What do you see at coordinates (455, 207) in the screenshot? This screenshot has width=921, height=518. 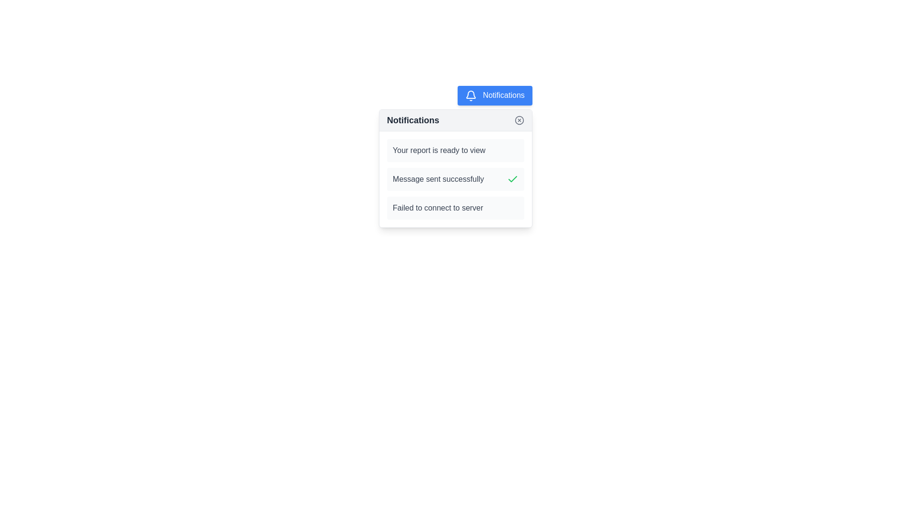 I see `the static notification block that informs the user about a connection failure, located at the bottom of the notification list` at bounding box center [455, 207].